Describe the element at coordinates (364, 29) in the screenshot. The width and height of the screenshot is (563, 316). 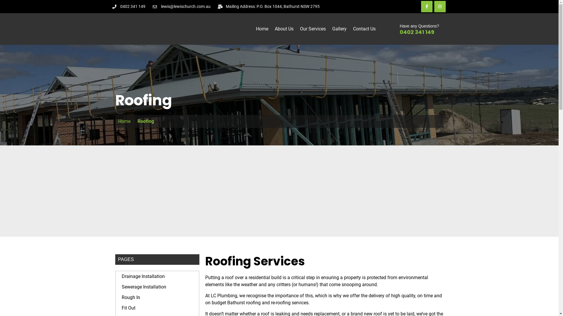
I see `'Contact Us'` at that location.